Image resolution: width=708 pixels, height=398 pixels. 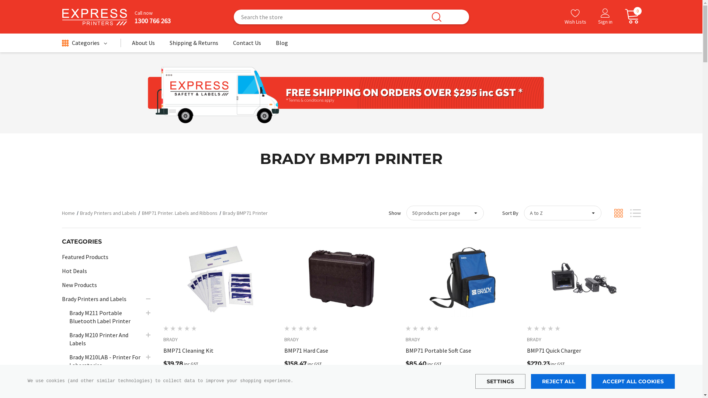 What do you see at coordinates (68, 213) in the screenshot?
I see `'Home'` at bounding box center [68, 213].